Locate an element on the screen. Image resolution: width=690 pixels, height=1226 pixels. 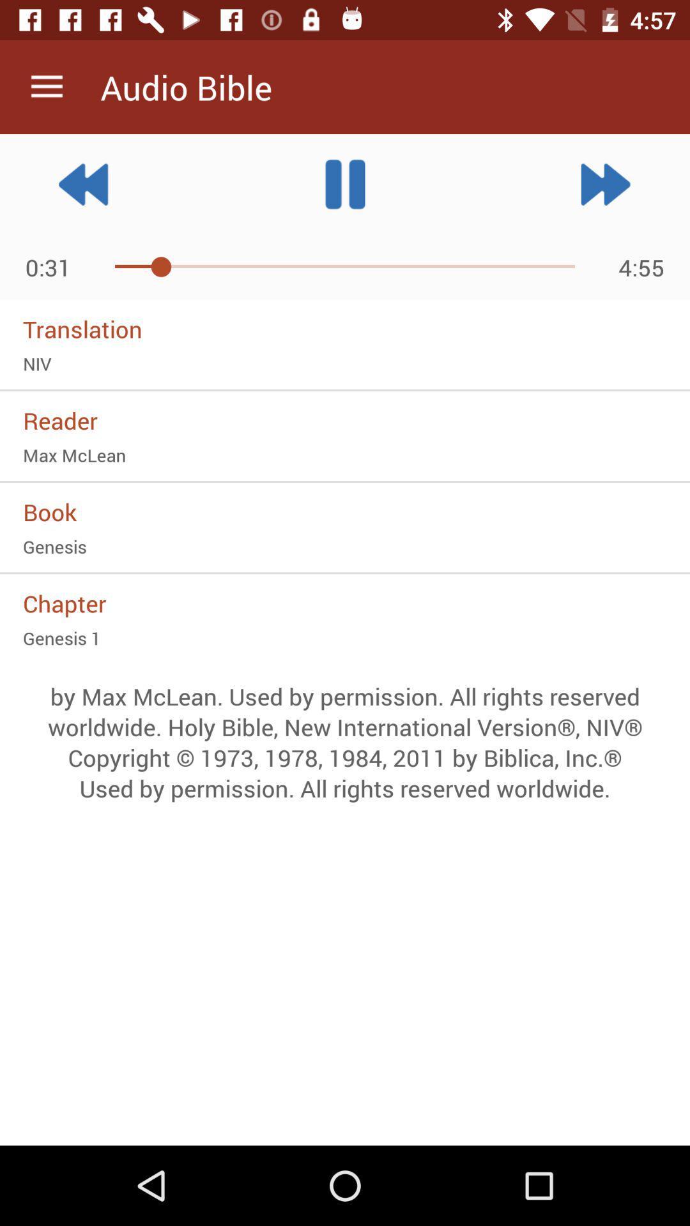
the item below chapter is located at coordinates (345, 638).